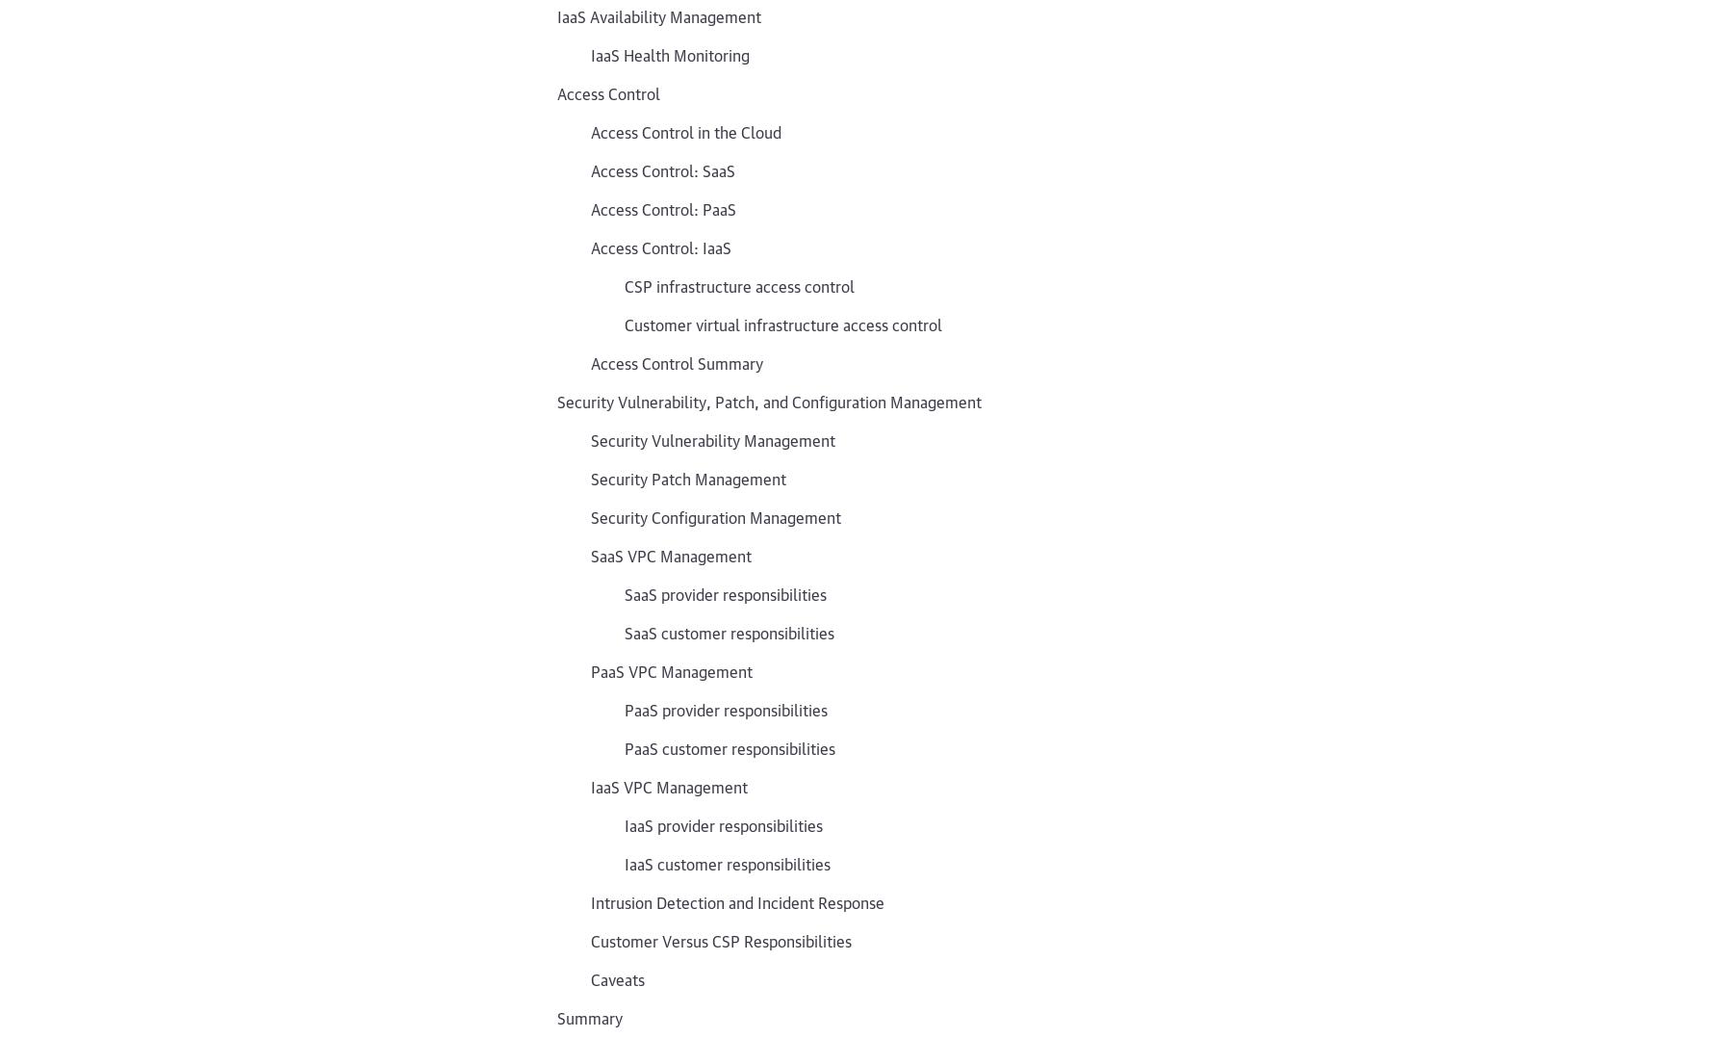 Image resolution: width=1716 pixels, height=1039 pixels. Describe the element at coordinates (725, 707) in the screenshot. I see `'PaaS provider responsibilities'` at that location.